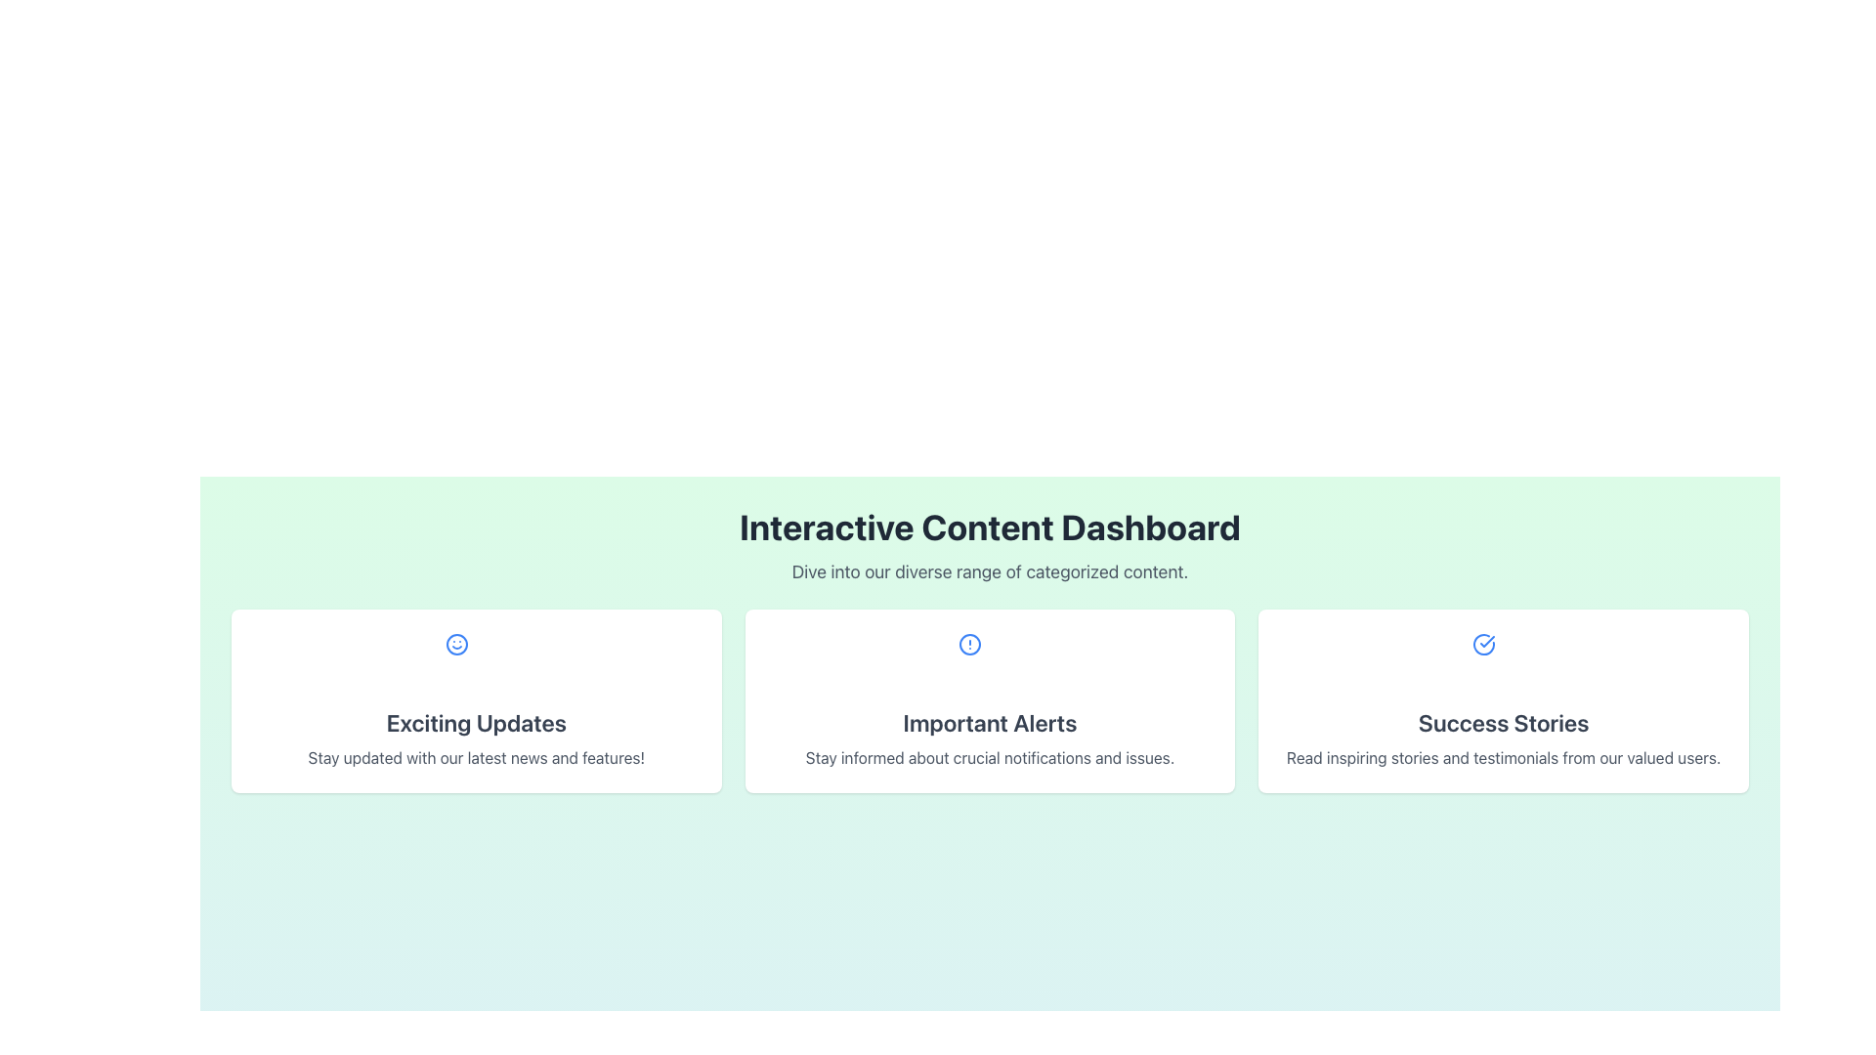  What do you see at coordinates (1503, 756) in the screenshot?
I see `the static text label displaying 'Read inspiring stories and testimonials from our valued users.' which is positioned below the heading 'Success Stories'` at bounding box center [1503, 756].